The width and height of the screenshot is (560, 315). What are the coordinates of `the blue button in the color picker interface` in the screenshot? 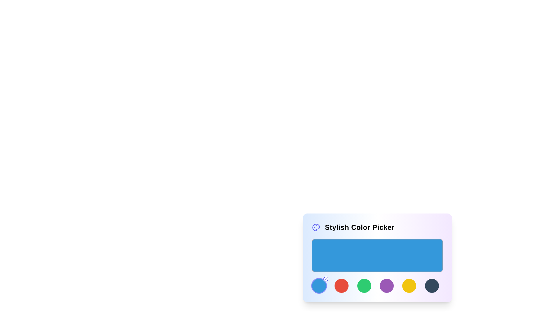 It's located at (319, 285).